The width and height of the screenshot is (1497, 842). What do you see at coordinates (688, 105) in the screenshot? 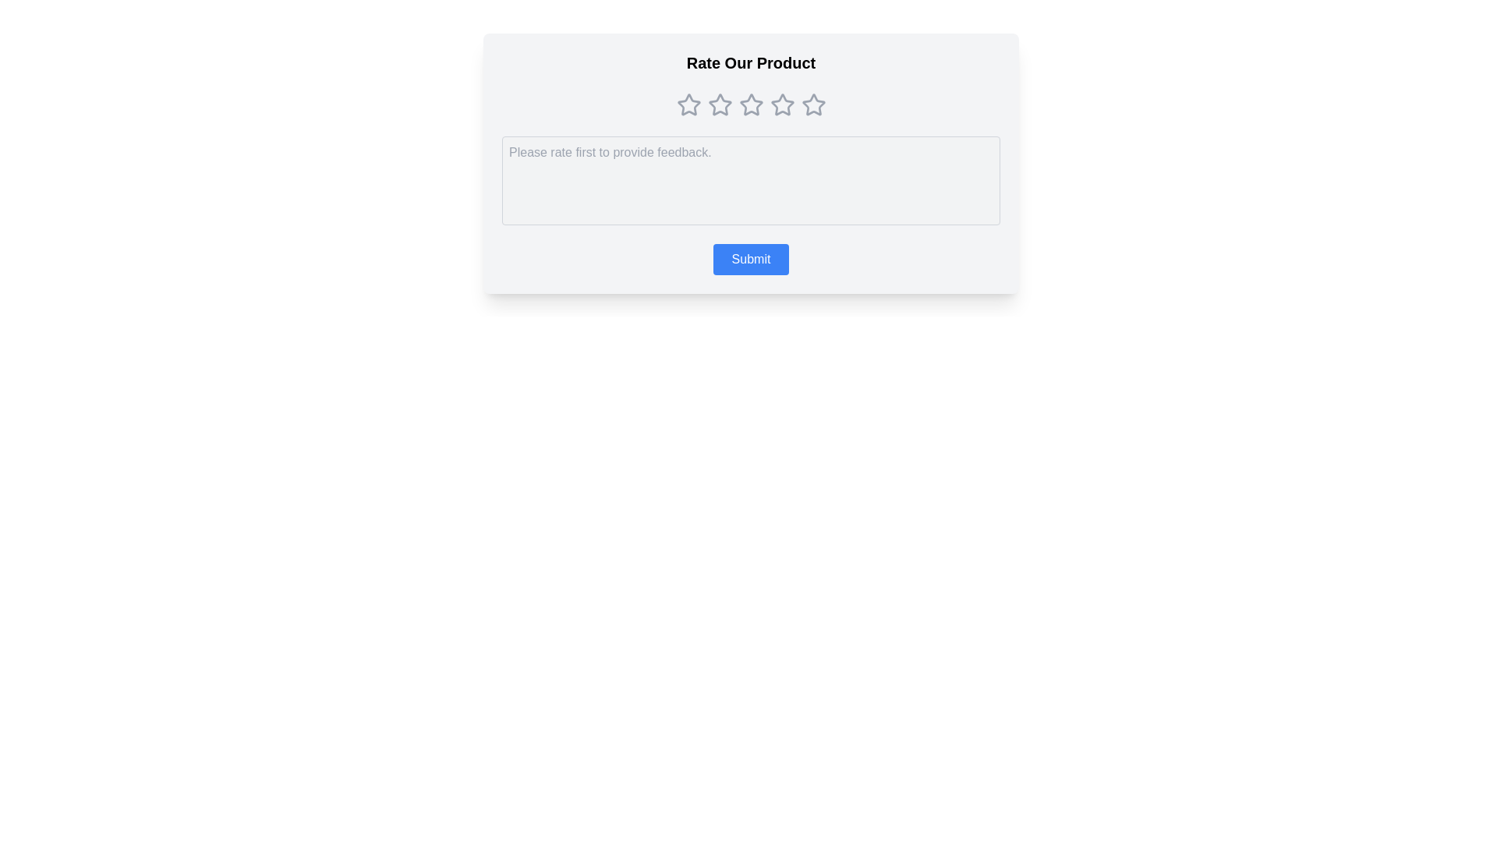
I see `the first gray star-shaped Rating icon located under the 'Rate Our Product' text` at bounding box center [688, 105].